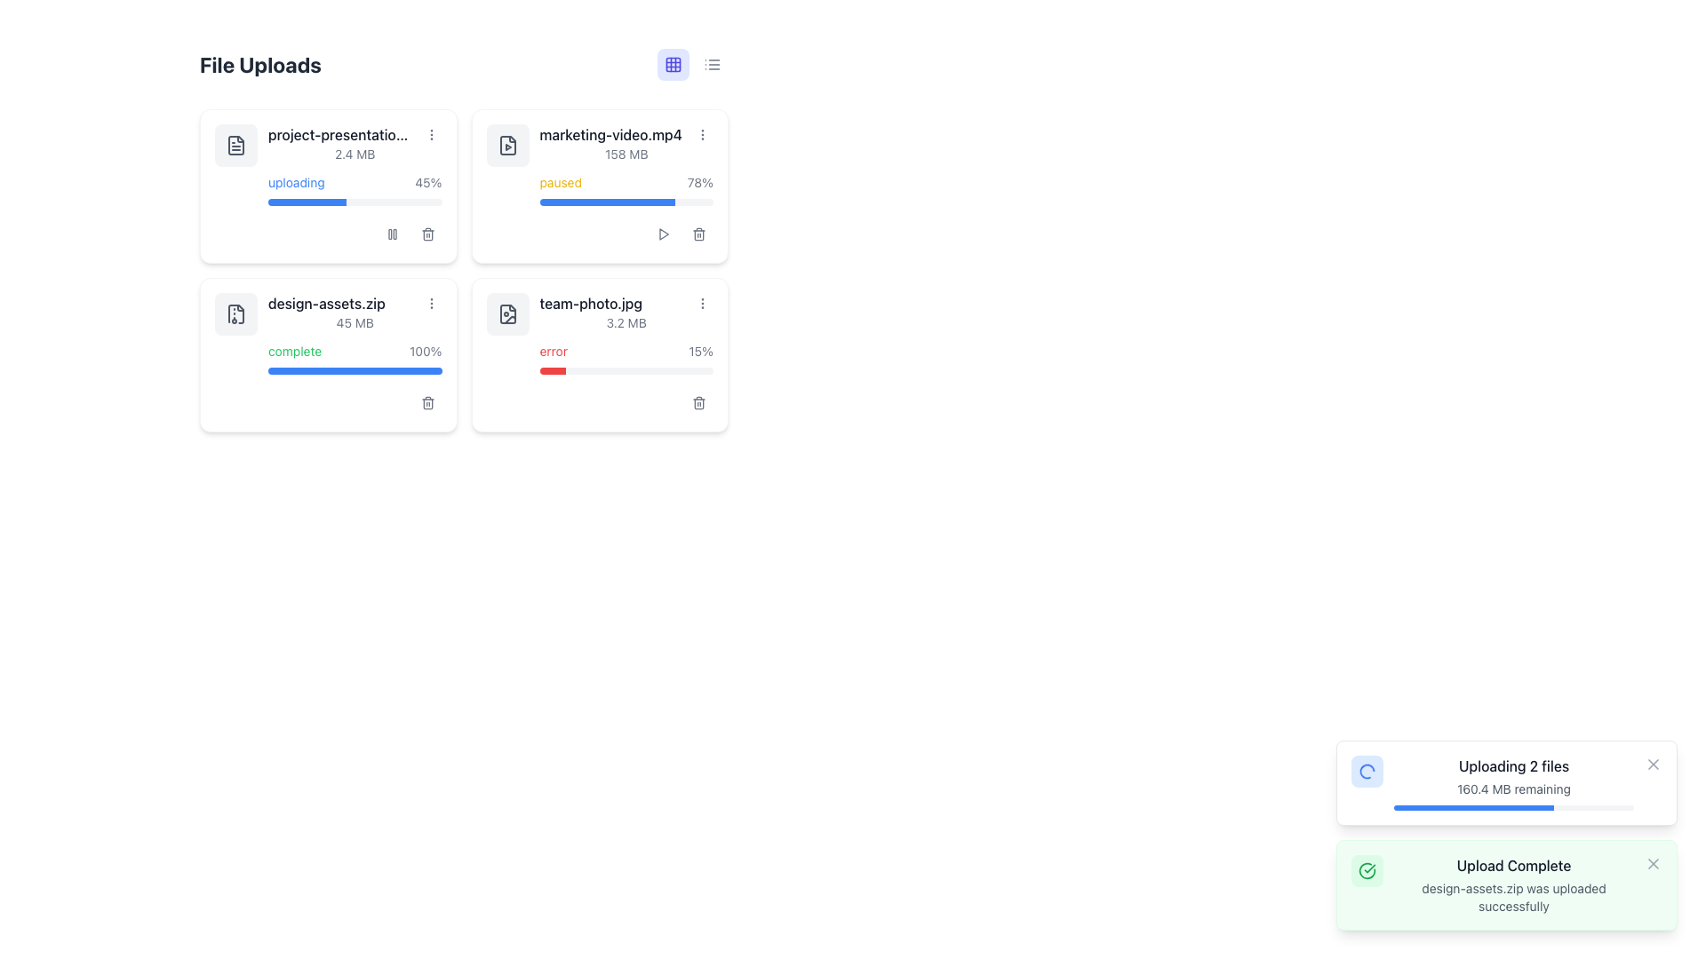  Describe the element at coordinates (663, 233) in the screenshot. I see `the triangular play button icon located` at that location.